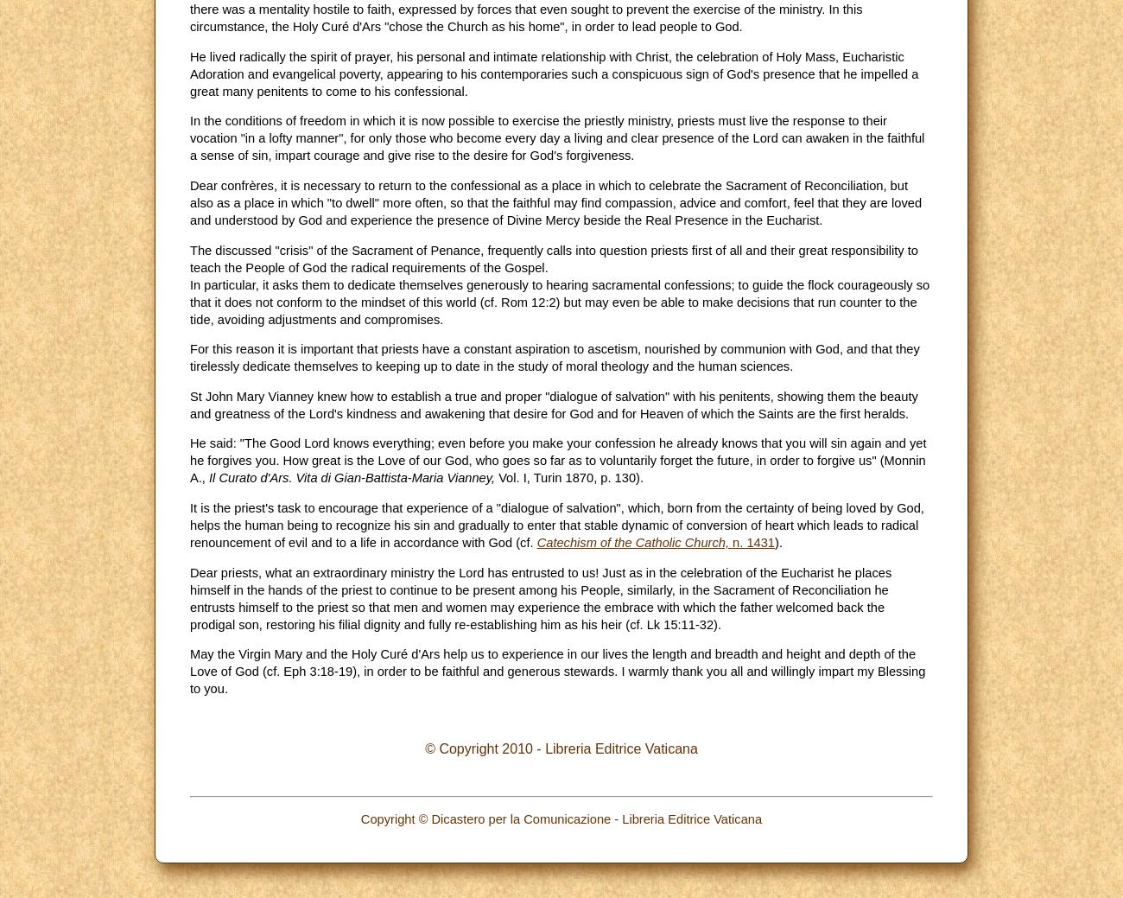  Describe the element at coordinates (752, 542) in the screenshot. I see `'n. 1431'` at that location.